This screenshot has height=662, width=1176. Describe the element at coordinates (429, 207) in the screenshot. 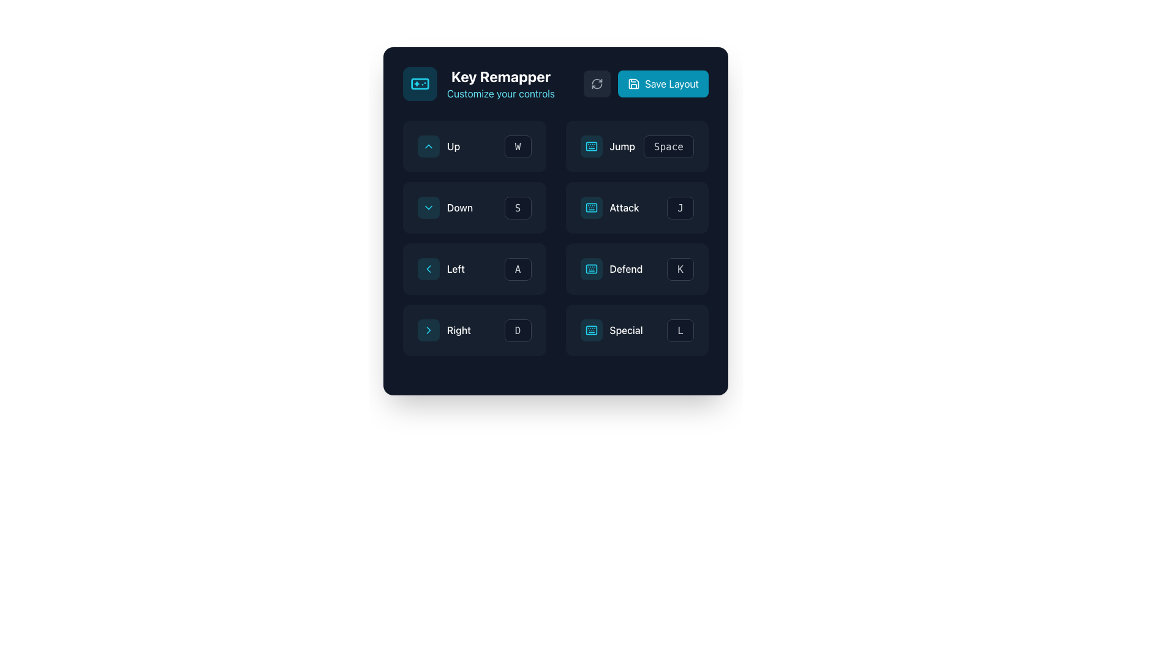

I see `the chevron icon in the cyan rectangular button labeled 'Down'` at that location.